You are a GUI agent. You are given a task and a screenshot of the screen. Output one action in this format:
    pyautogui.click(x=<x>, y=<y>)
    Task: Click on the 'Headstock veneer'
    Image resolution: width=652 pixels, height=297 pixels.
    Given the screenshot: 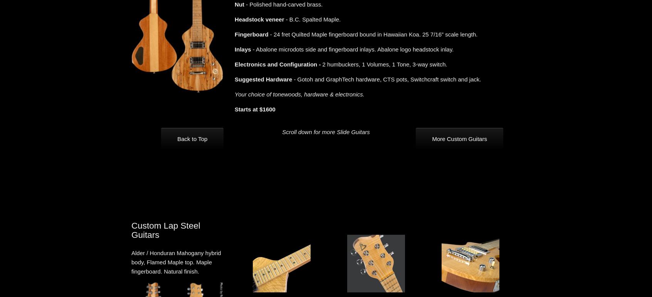 What is the action you would take?
    pyautogui.click(x=259, y=19)
    